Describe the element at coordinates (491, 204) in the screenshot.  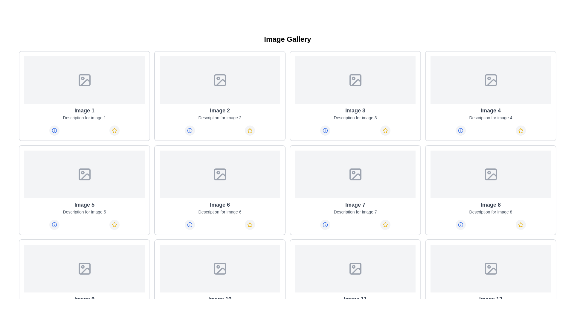
I see `the static text label identifying it as 'Image 8' in the gallery interface, located in the third row and fourth column of the grid layout` at that location.